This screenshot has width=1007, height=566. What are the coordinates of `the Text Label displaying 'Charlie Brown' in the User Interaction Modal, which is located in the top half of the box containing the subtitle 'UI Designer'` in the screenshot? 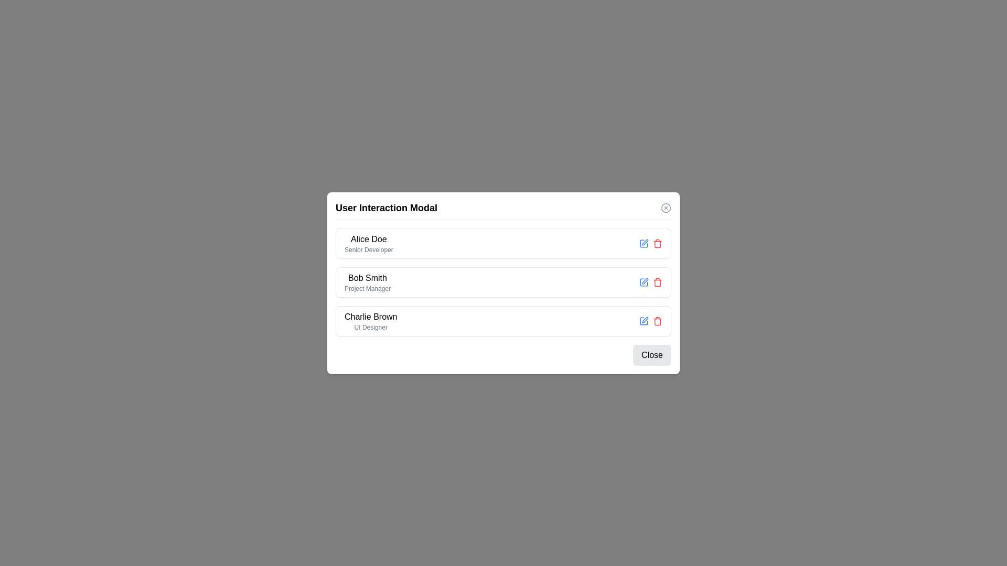 It's located at (371, 316).